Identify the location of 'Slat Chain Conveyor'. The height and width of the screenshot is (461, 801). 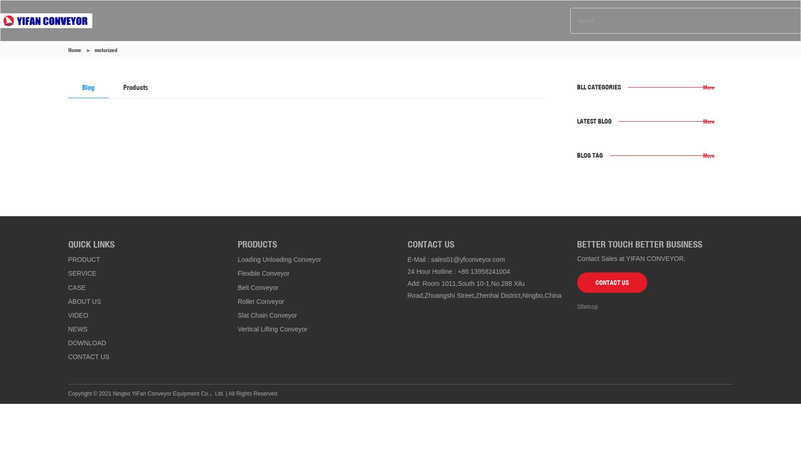
(267, 315).